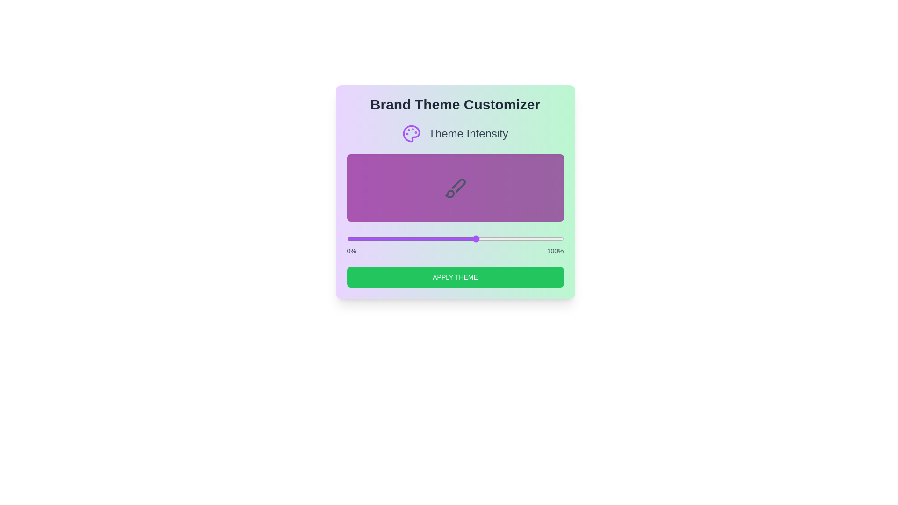 This screenshot has width=898, height=505. Describe the element at coordinates (431, 238) in the screenshot. I see `the theme intensity slider to 39% to view the corresponding theme preview` at that location.